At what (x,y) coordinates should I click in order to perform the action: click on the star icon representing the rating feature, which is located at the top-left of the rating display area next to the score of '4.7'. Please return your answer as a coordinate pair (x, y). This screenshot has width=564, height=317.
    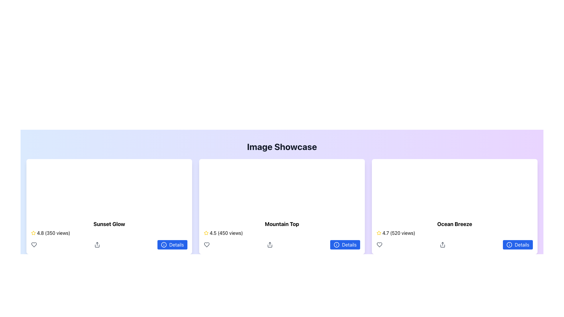
    Looking at the image, I should click on (379, 232).